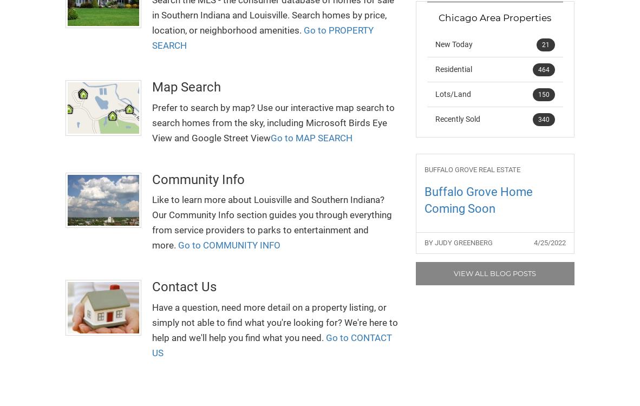  I want to click on 'Lots/Land', so click(452, 94).